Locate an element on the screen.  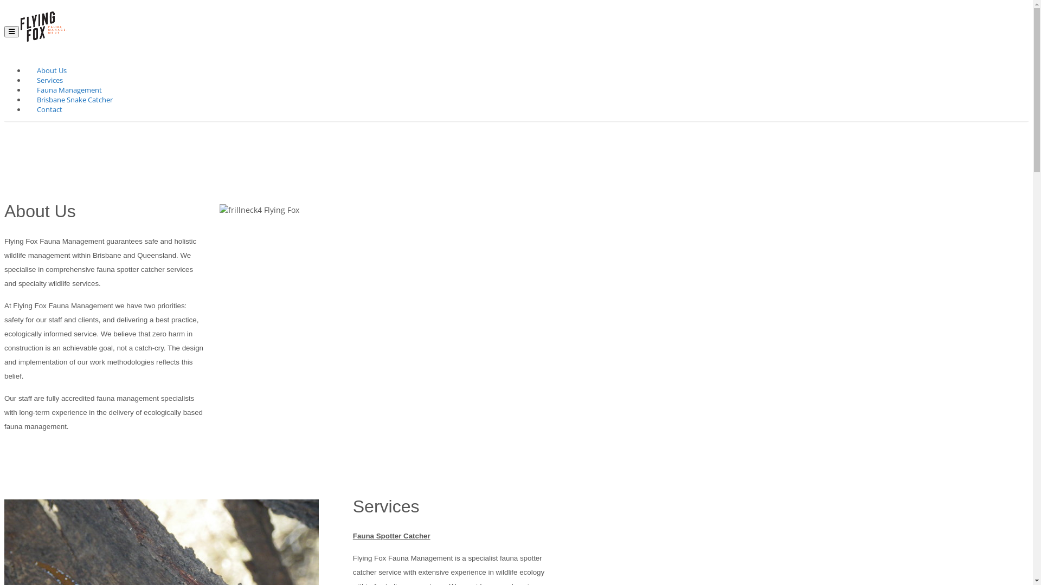
'Services' is located at coordinates (34, 80).